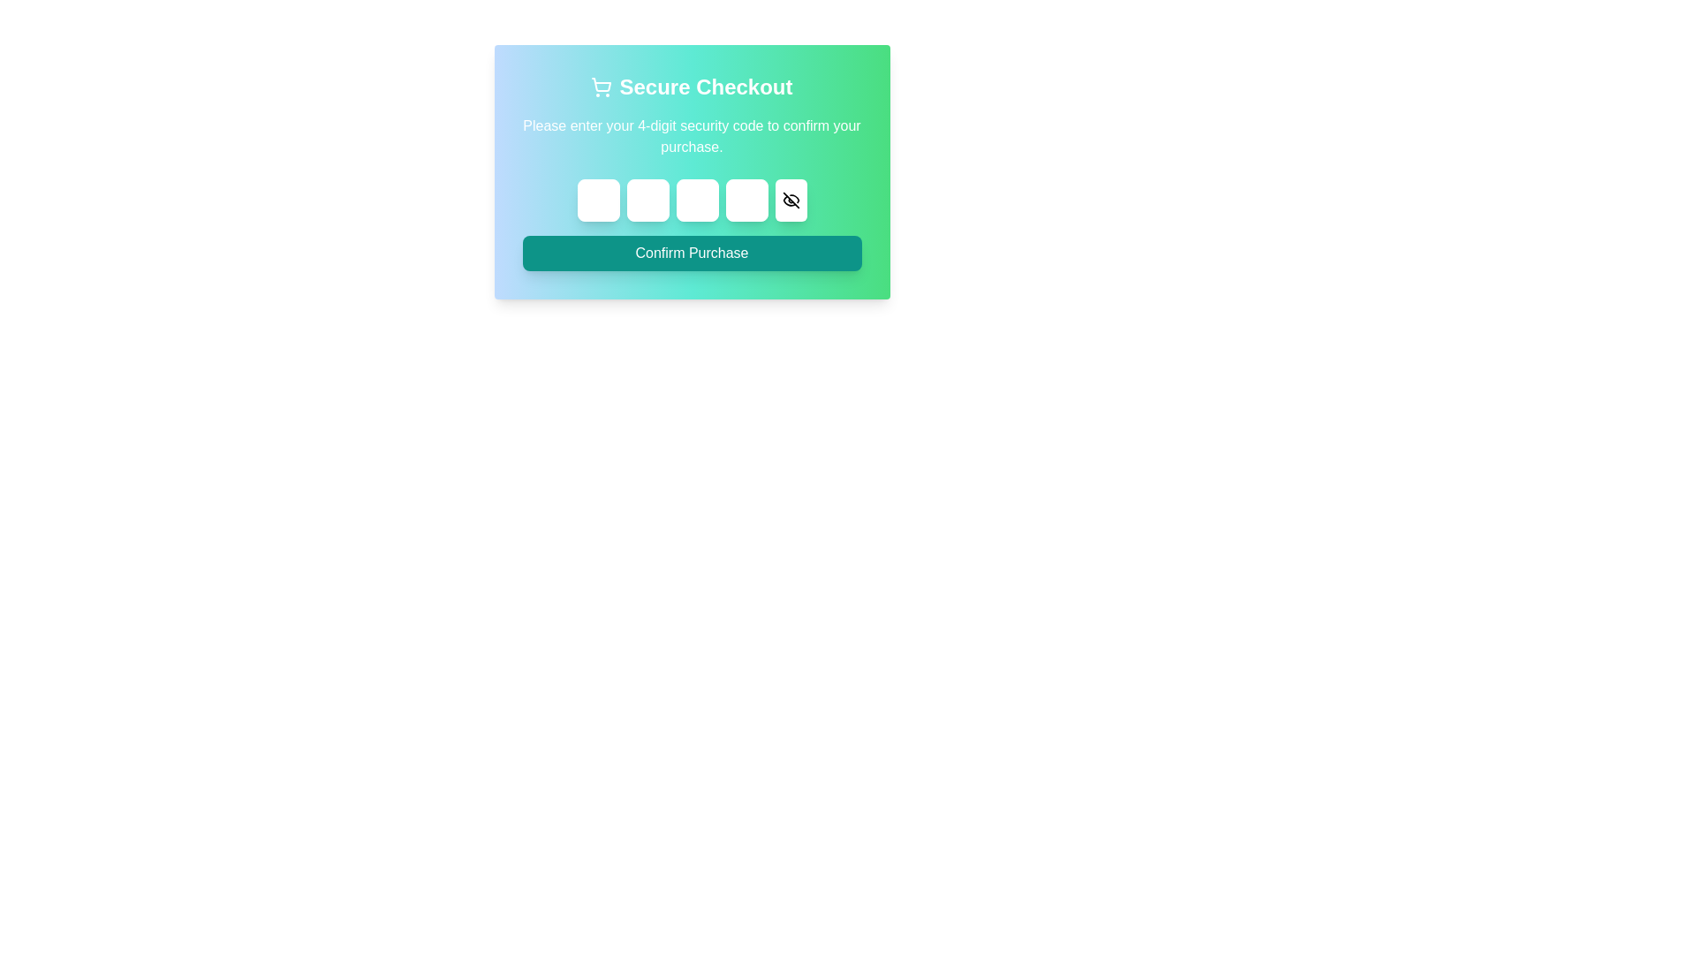 This screenshot has height=954, width=1696. I want to click on the toggle button located to the right of four rounded square input fields, so click(790, 200).